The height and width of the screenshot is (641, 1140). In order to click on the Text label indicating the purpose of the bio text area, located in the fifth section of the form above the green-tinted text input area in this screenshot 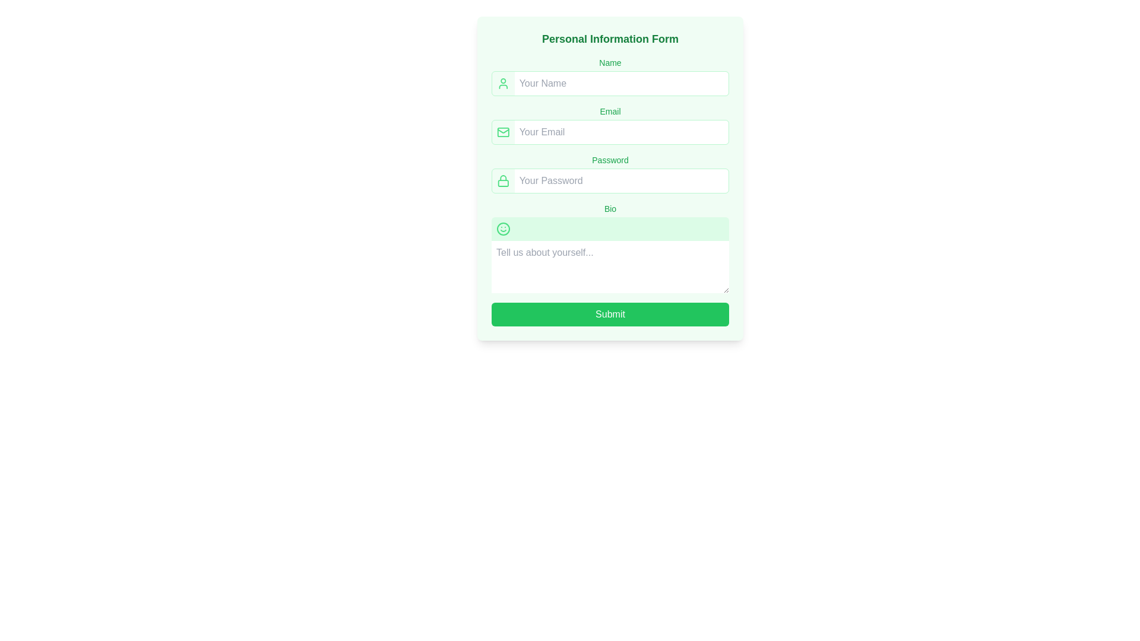, I will do `click(610, 208)`.